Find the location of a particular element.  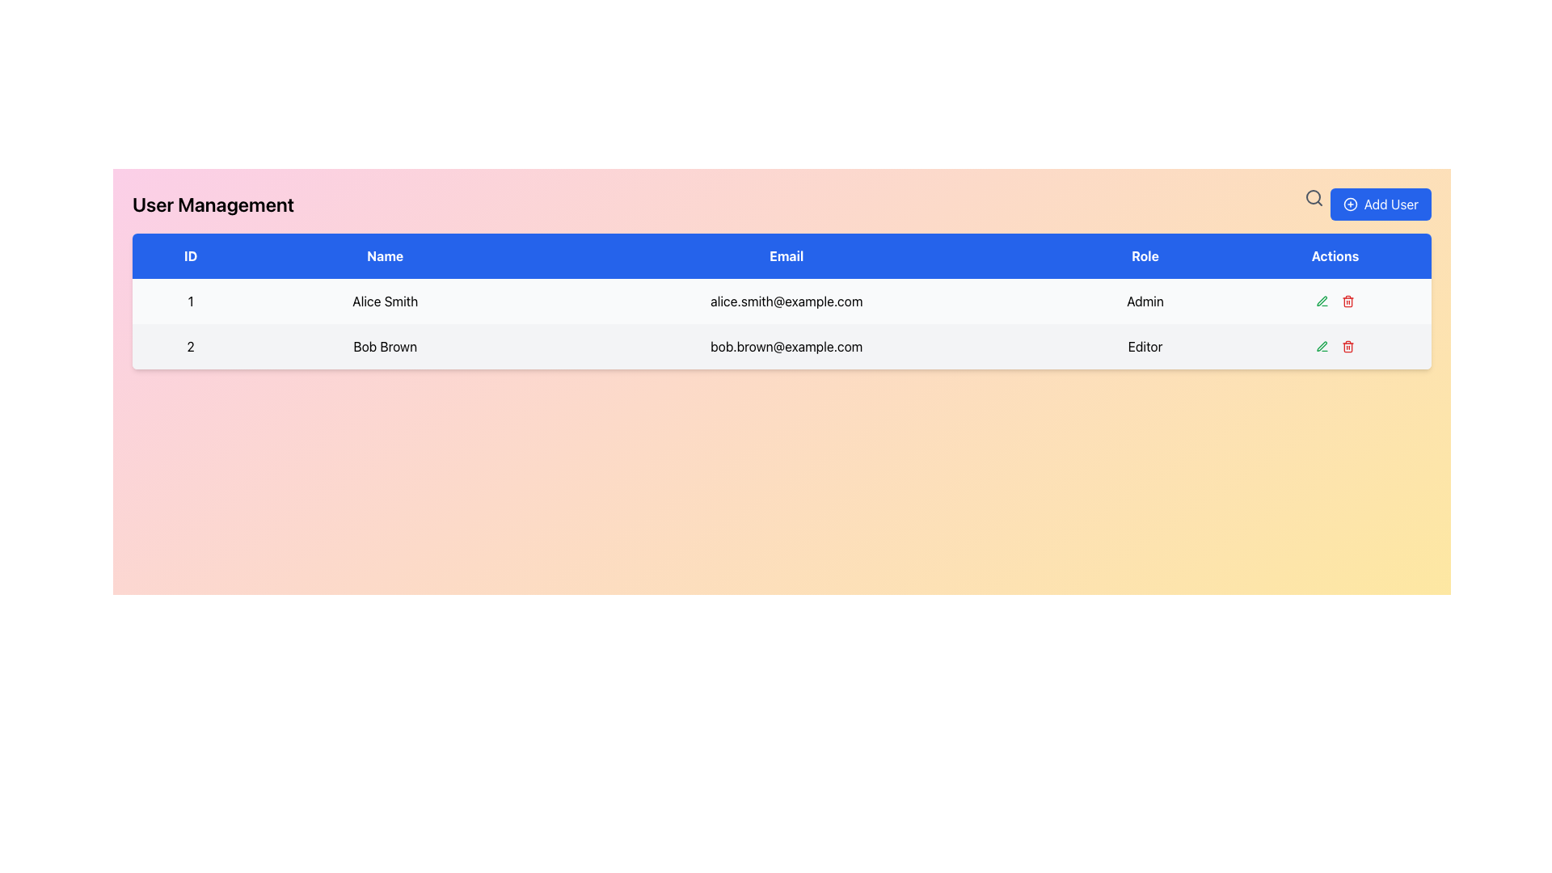

the red trash icon button located in the 'Actions' column of the second row in the user management table to initiate deletion is located at coordinates (1347, 345).